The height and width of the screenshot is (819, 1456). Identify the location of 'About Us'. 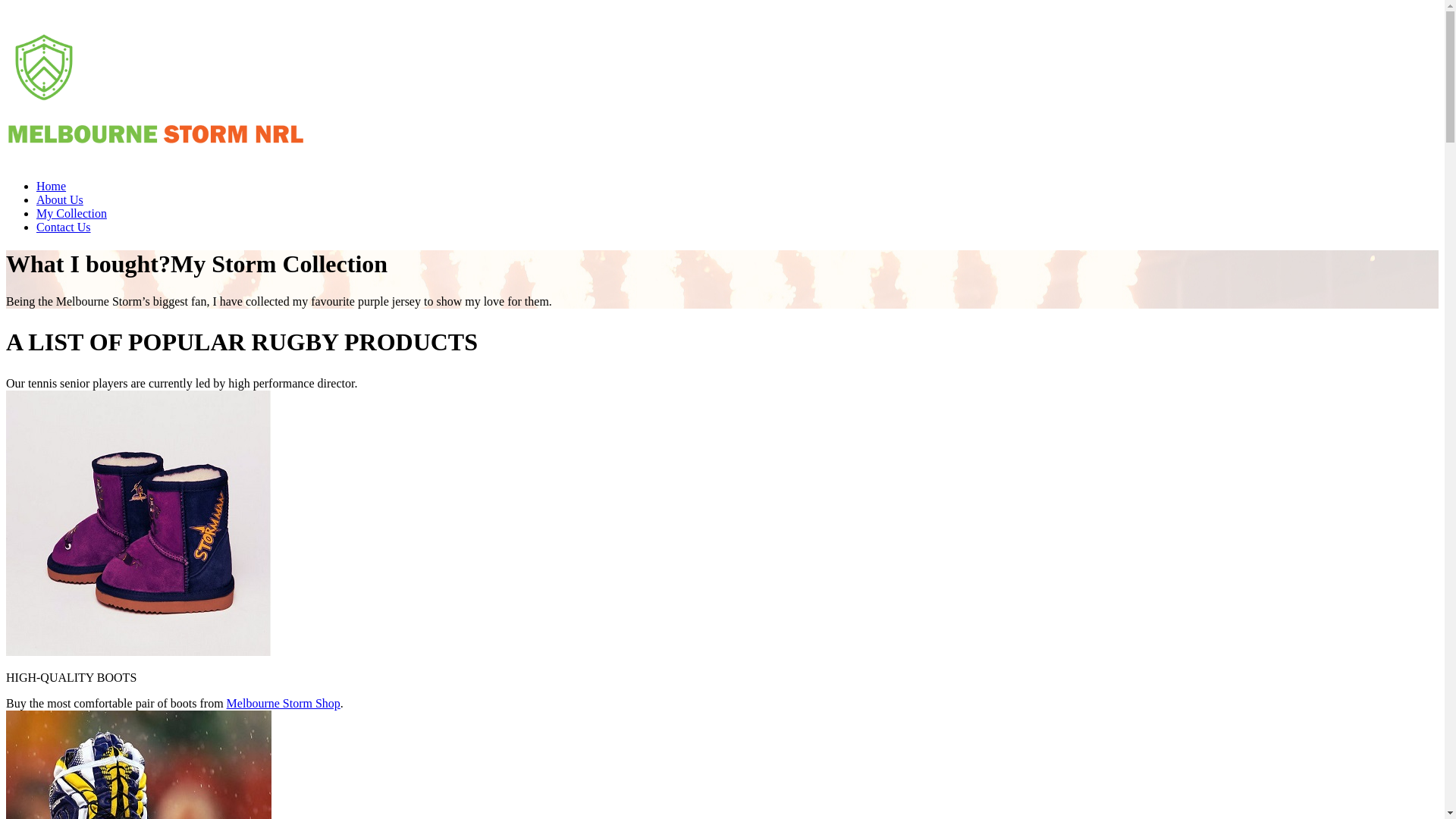
(36, 199).